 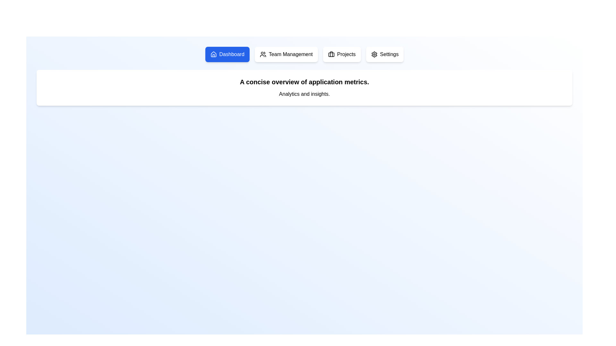 I want to click on the 'Team Management' icon located within the button in the navigation bar, so click(x=263, y=54).